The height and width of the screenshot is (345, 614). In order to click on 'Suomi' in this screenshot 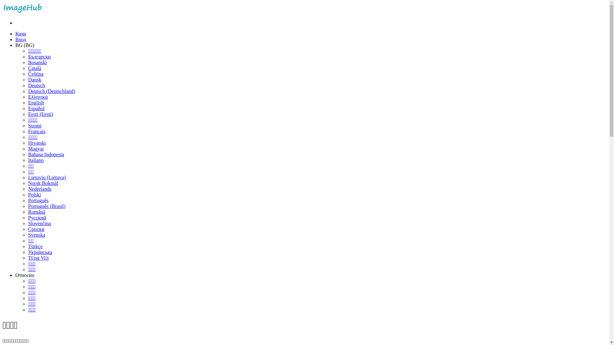, I will do `click(28, 126)`.